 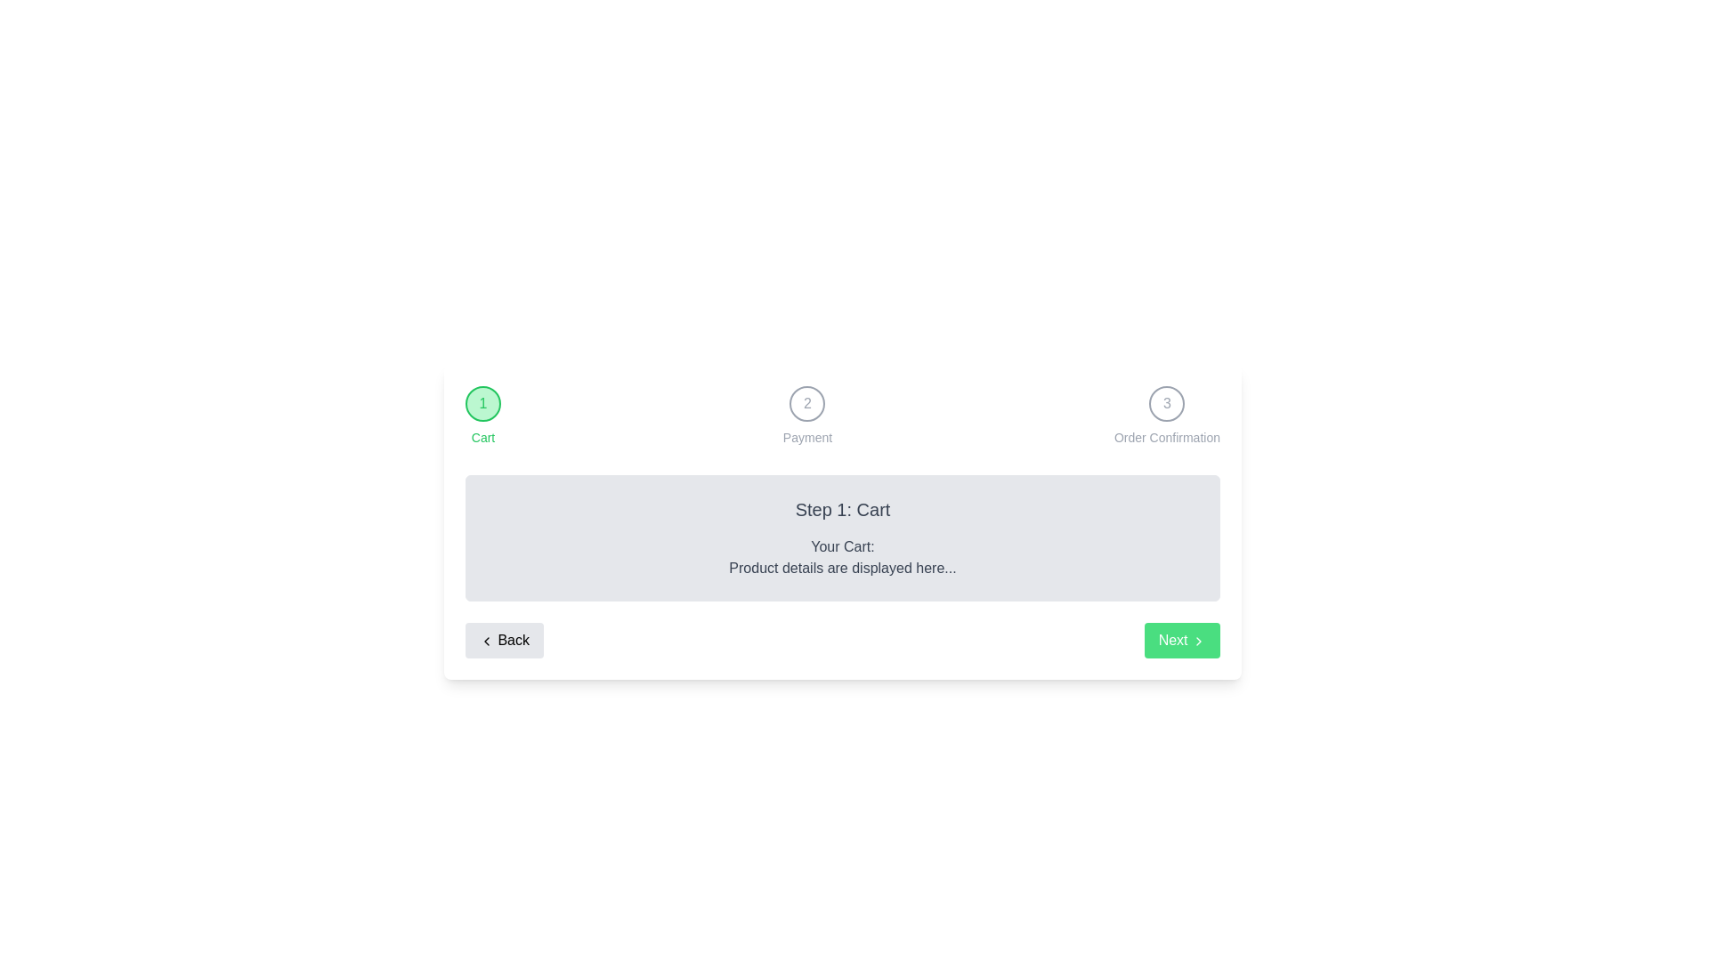 I want to click on the 'Next' button to navigate to the next step, so click(x=1182, y=641).